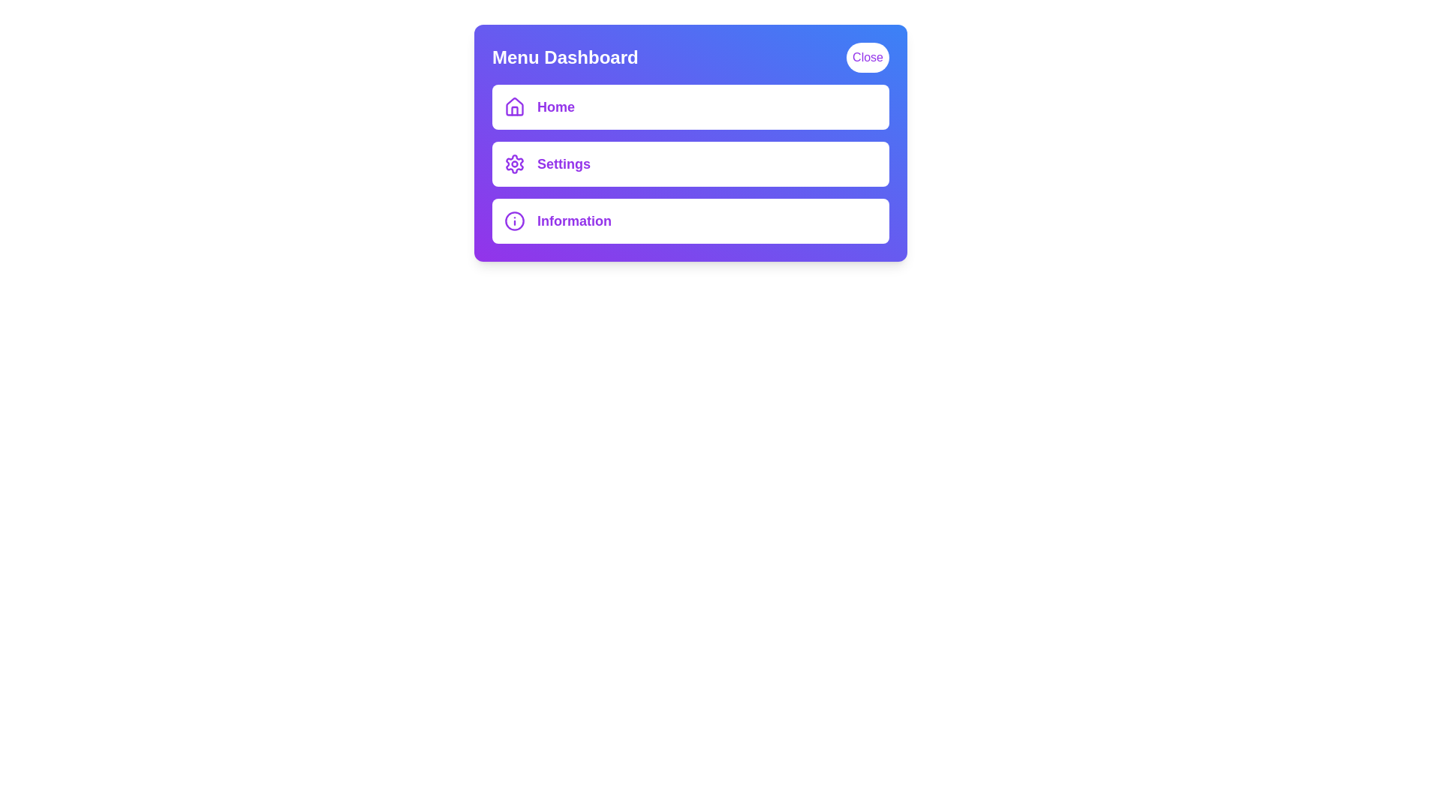  Describe the element at coordinates (690, 106) in the screenshot. I see `the menu item labeled Home to display its tooltip` at that location.